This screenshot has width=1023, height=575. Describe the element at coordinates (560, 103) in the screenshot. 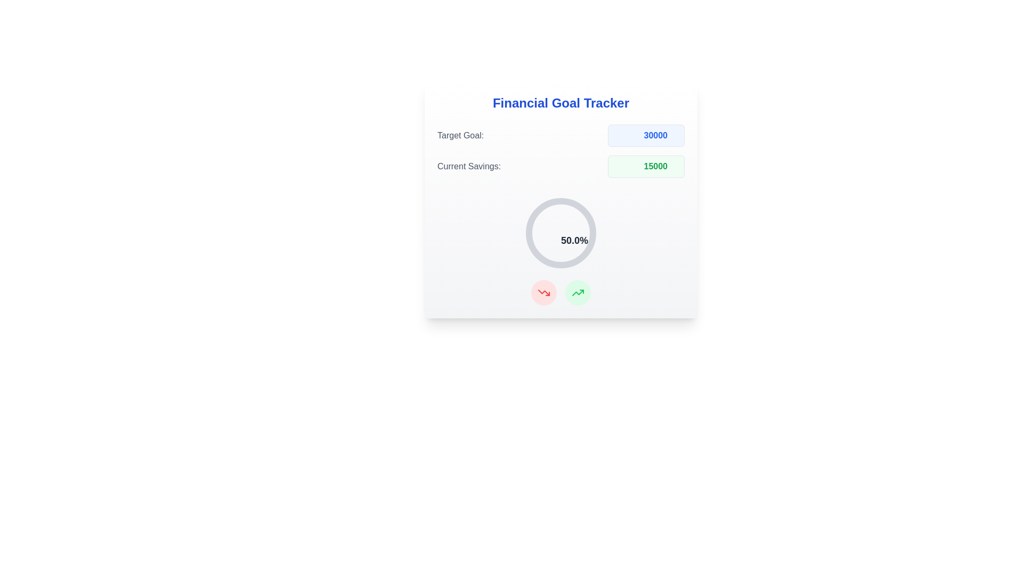

I see `header text for the financial goal tracking section located at the top of the rounded, shadowed box` at that location.